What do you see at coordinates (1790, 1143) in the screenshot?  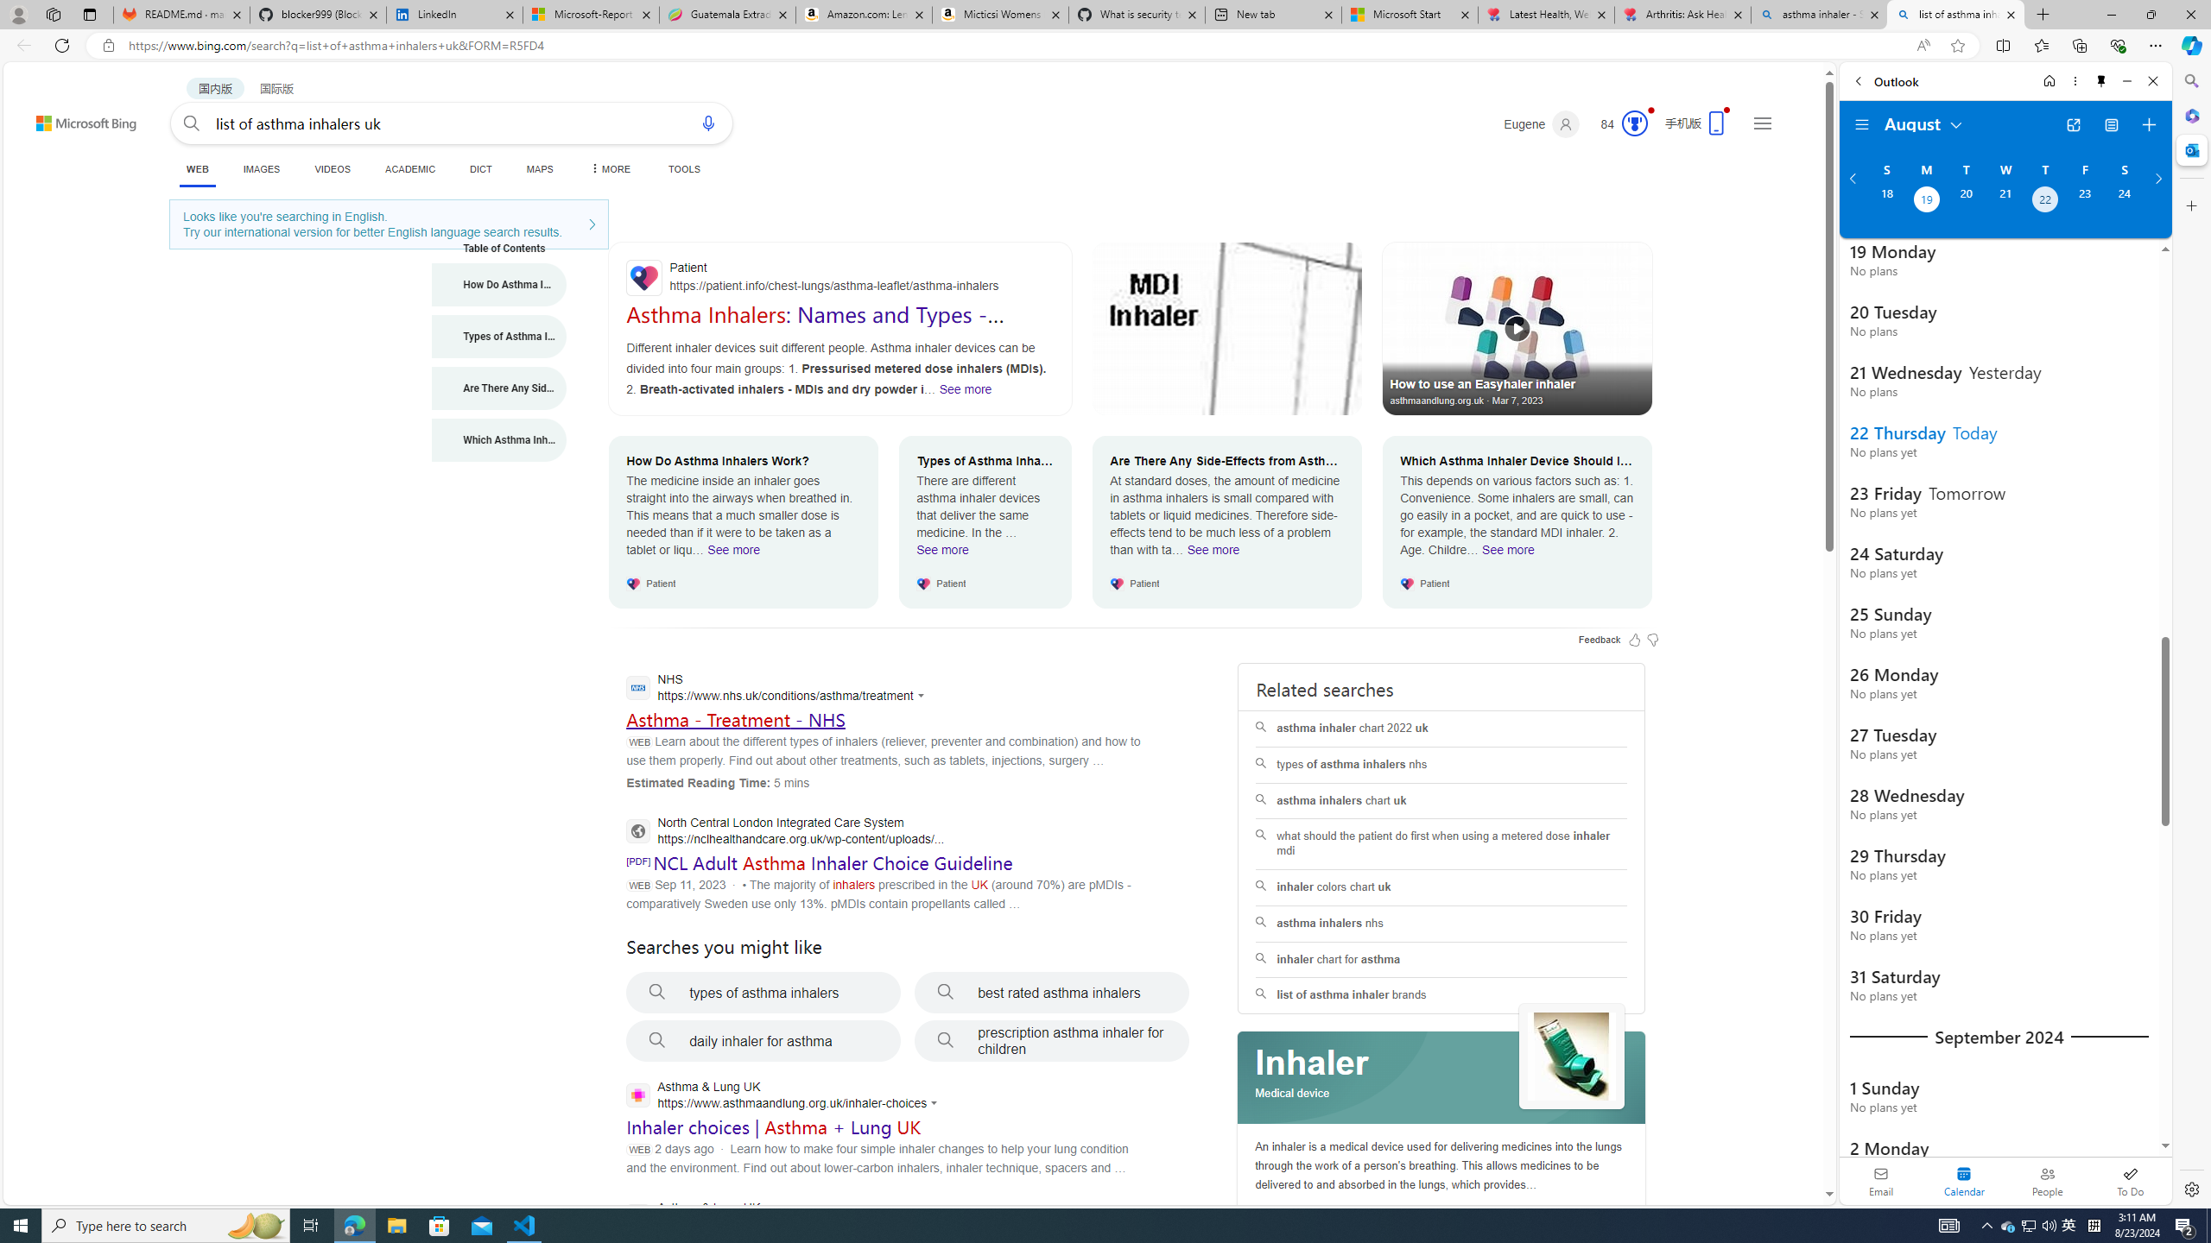 I see `'Search more'` at bounding box center [1790, 1143].